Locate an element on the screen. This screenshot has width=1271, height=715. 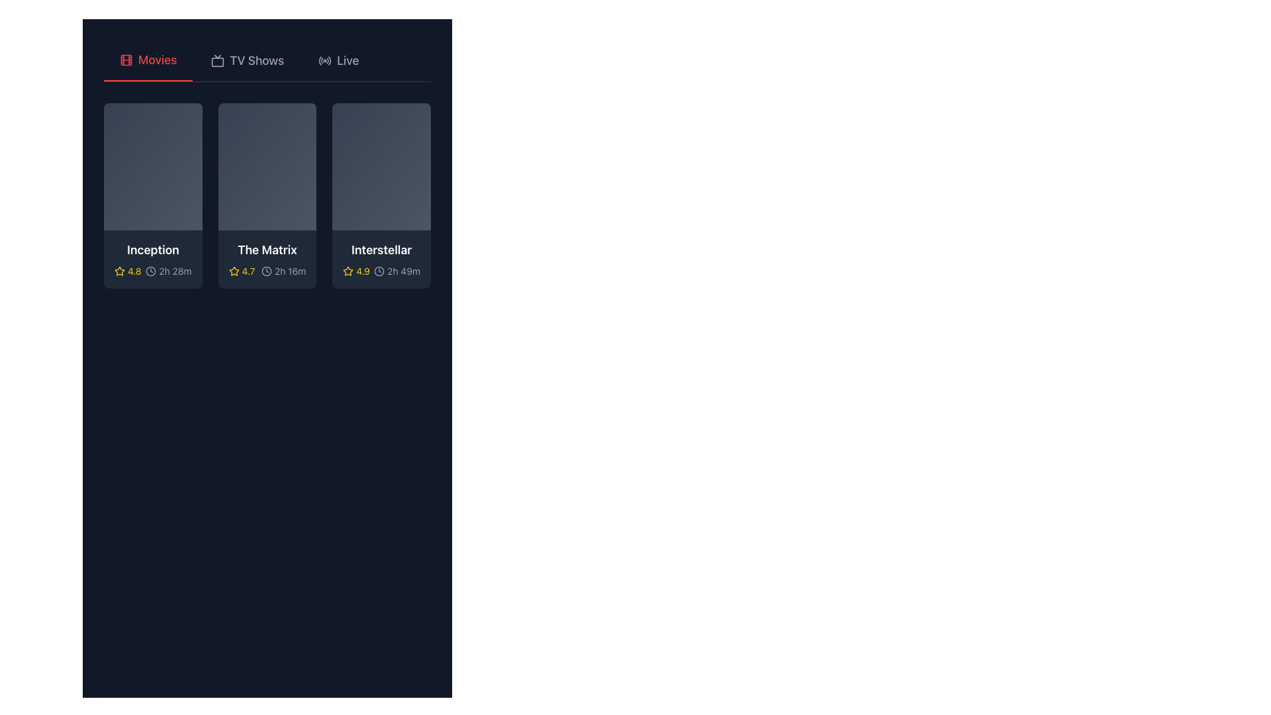
text displayed on the label that indicates the duration of the movie 'The Matrix', which is located in the second card, positioned to the right of the clock icon and under the movie's rating is located at coordinates (289, 270).